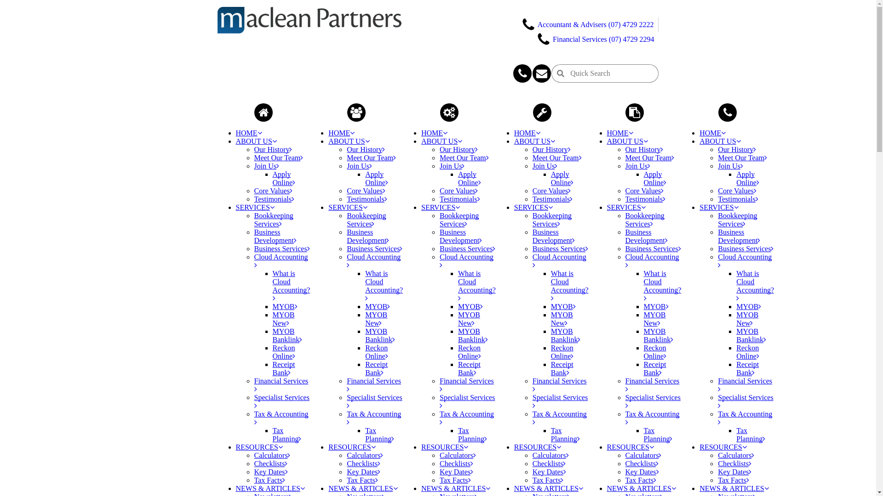  I want to click on 'MYOB Banklink', so click(551, 335).